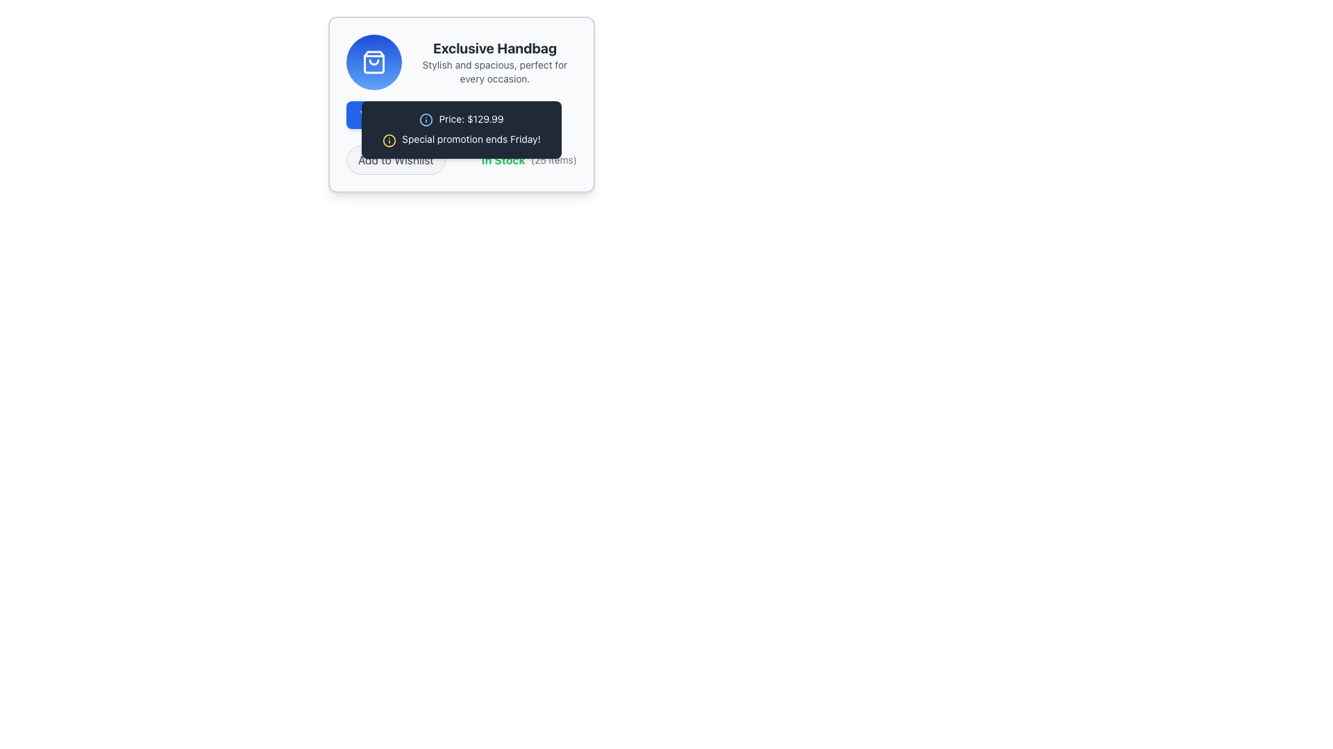  What do you see at coordinates (374, 61) in the screenshot?
I see `the shopping bag graphical icon located in the upper left section of the interface, specifically within the top left circular icon of the 'Exclusive Handbag' card` at bounding box center [374, 61].